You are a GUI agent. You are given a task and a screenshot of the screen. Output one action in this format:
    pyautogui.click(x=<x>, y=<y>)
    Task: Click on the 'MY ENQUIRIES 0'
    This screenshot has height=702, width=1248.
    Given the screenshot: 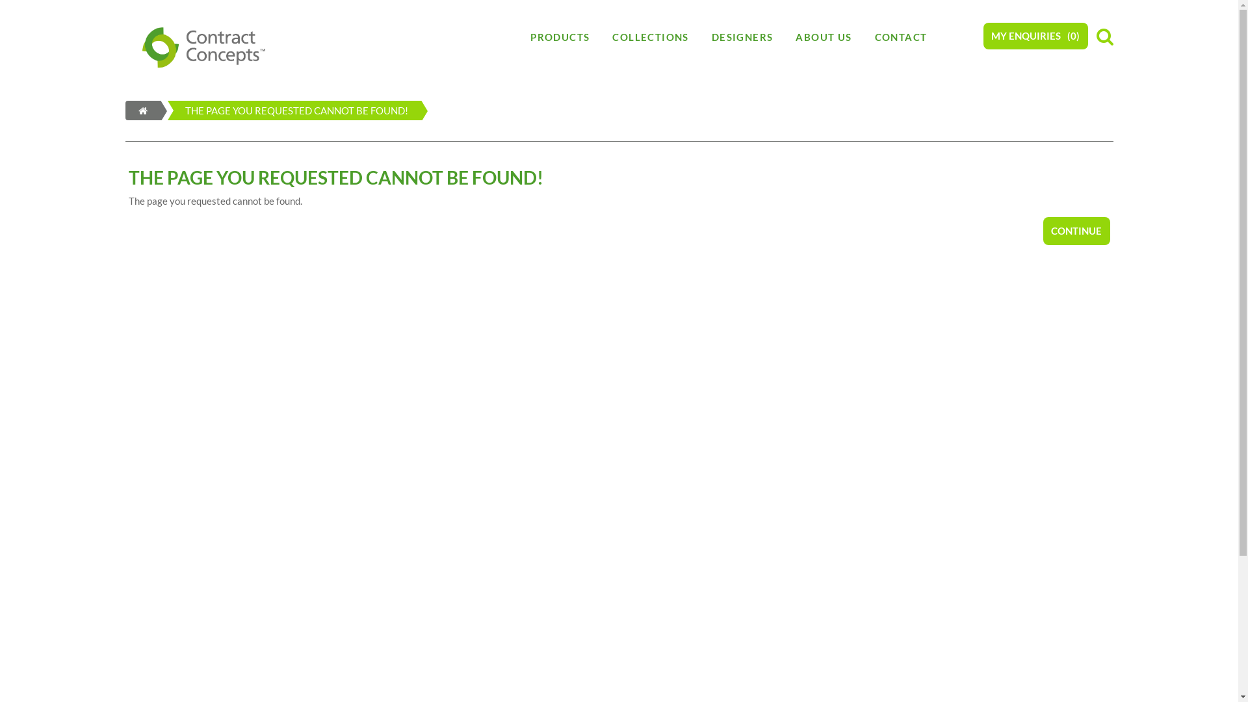 What is the action you would take?
    pyautogui.click(x=983, y=35)
    